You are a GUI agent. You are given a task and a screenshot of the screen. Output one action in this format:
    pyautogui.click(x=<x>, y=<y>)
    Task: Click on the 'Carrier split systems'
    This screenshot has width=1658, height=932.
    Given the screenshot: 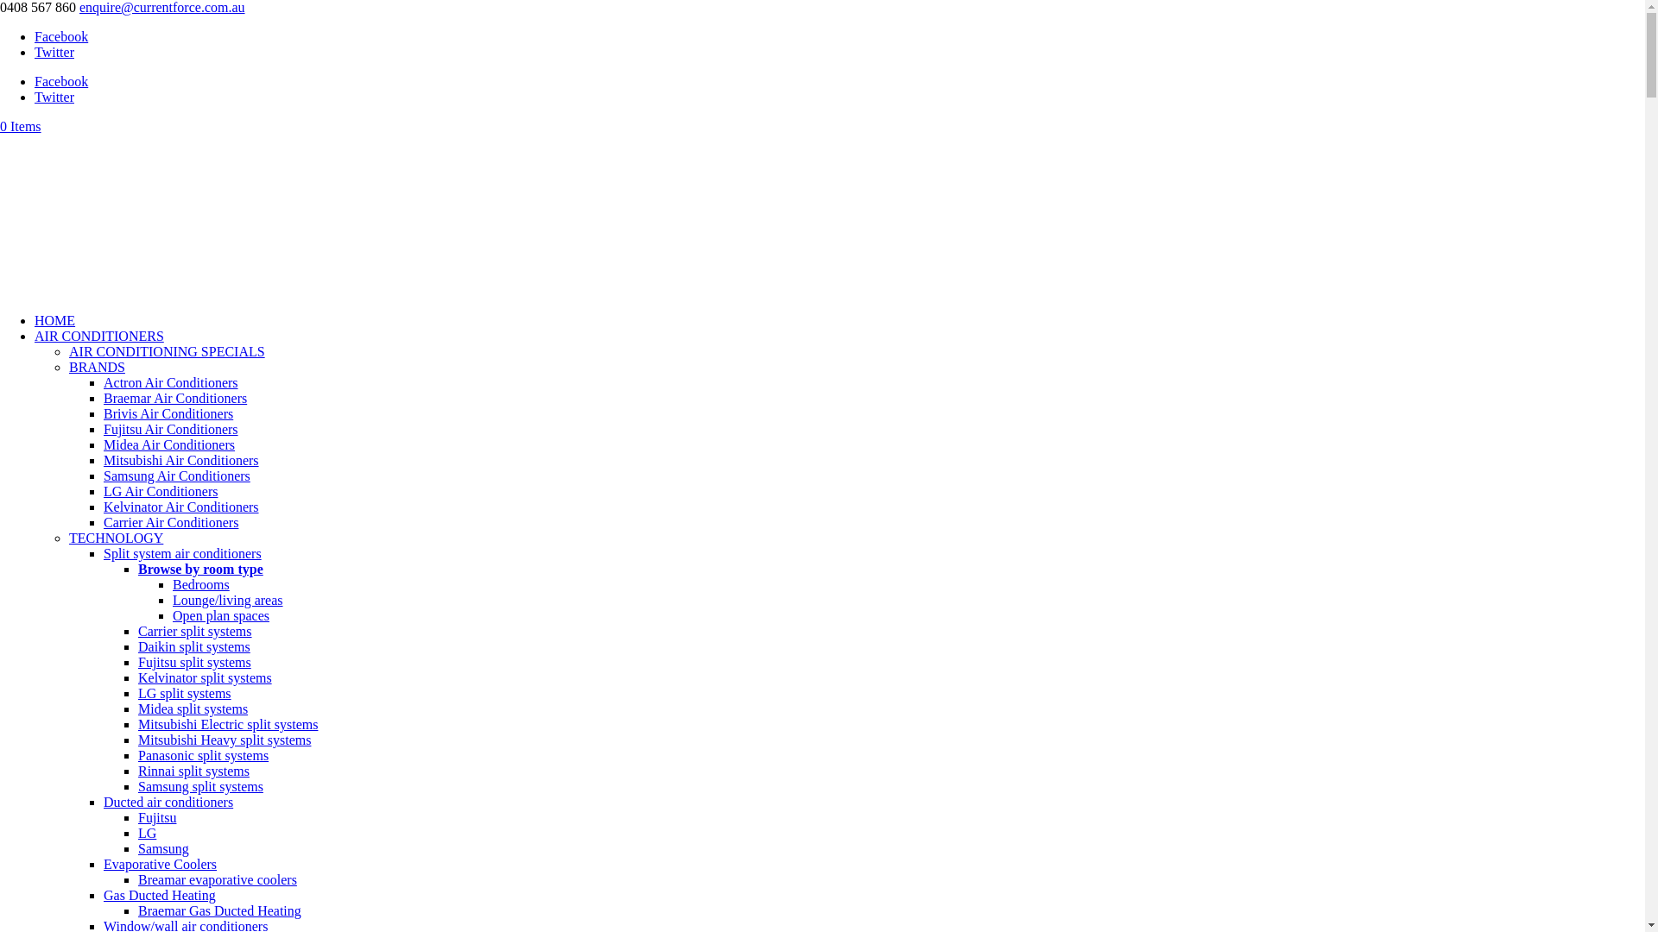 What is the action you would take?
    pyautogui.click(x=194, y=631)
    